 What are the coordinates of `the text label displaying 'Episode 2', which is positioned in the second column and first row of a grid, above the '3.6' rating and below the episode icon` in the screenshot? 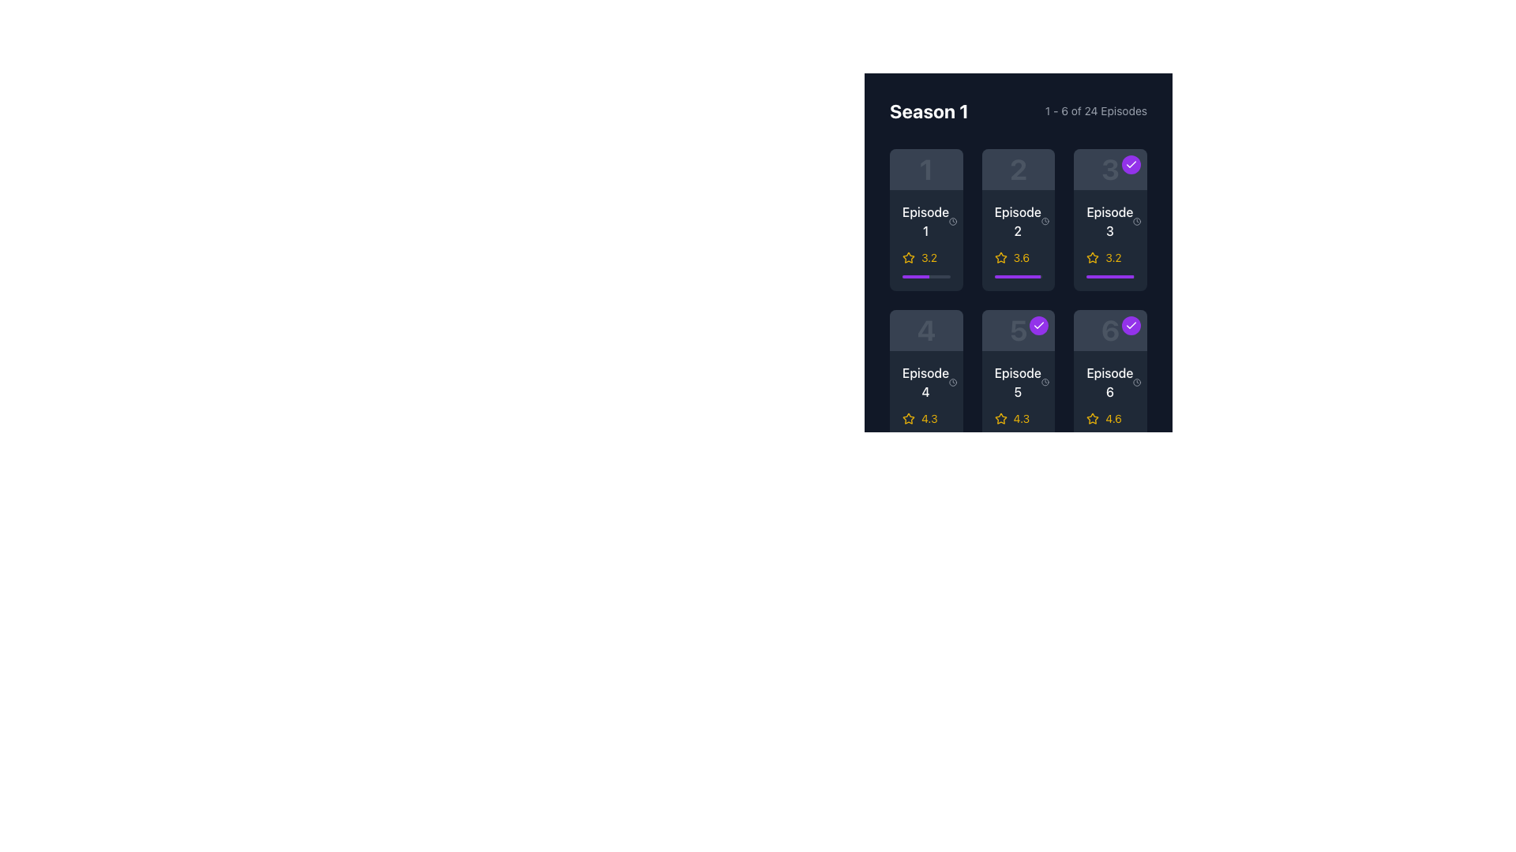 It's located at (1018, 222).